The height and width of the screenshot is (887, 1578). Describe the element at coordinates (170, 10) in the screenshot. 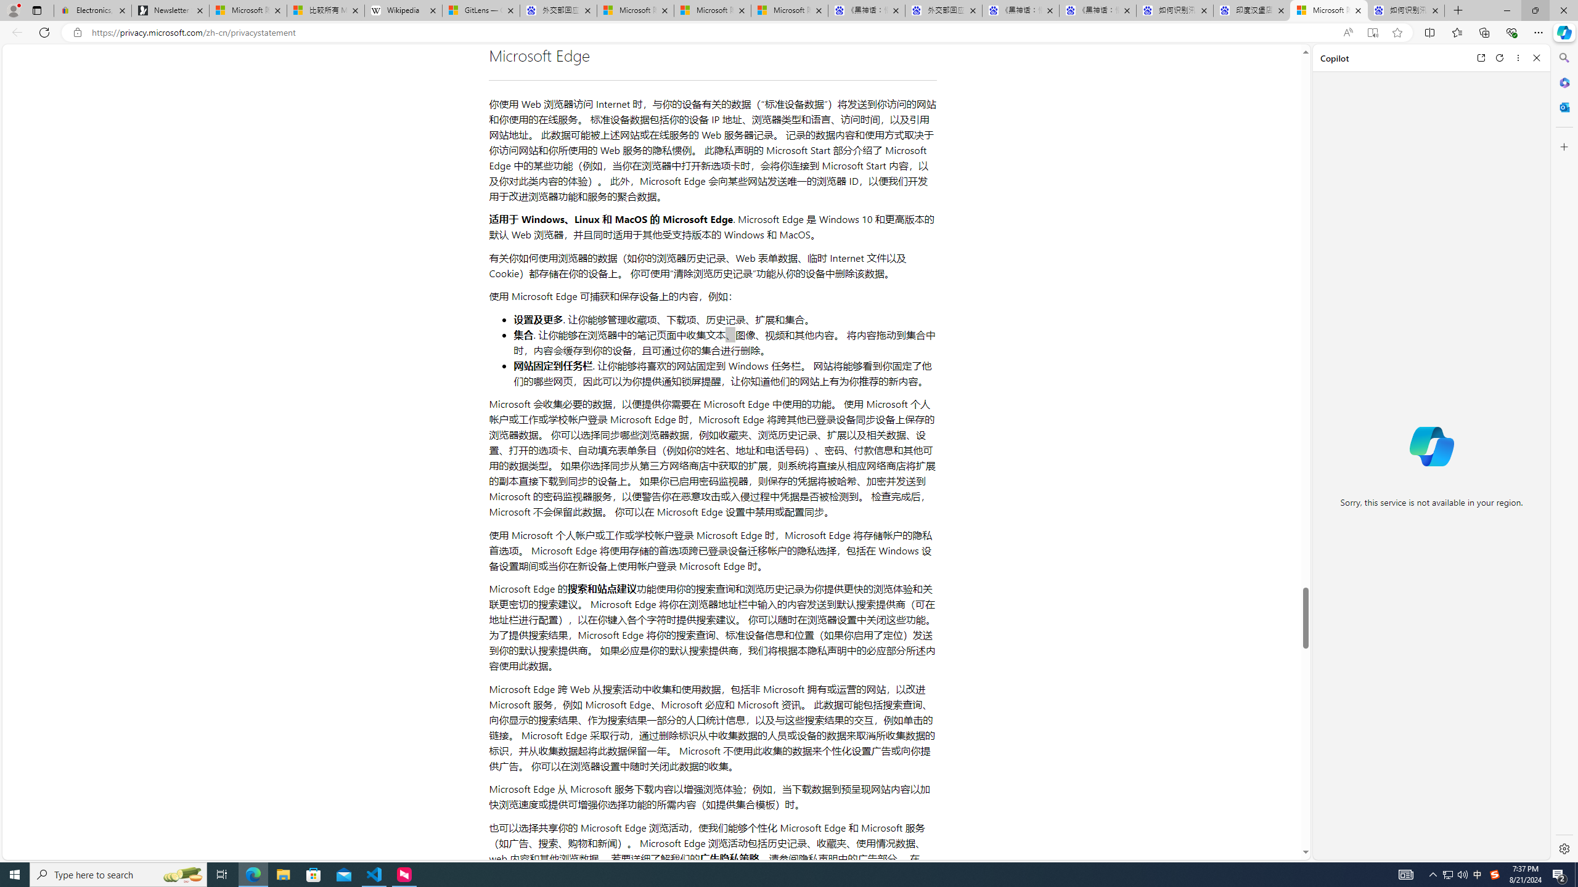

I see `'Newsletter Sign Up'` at that location.